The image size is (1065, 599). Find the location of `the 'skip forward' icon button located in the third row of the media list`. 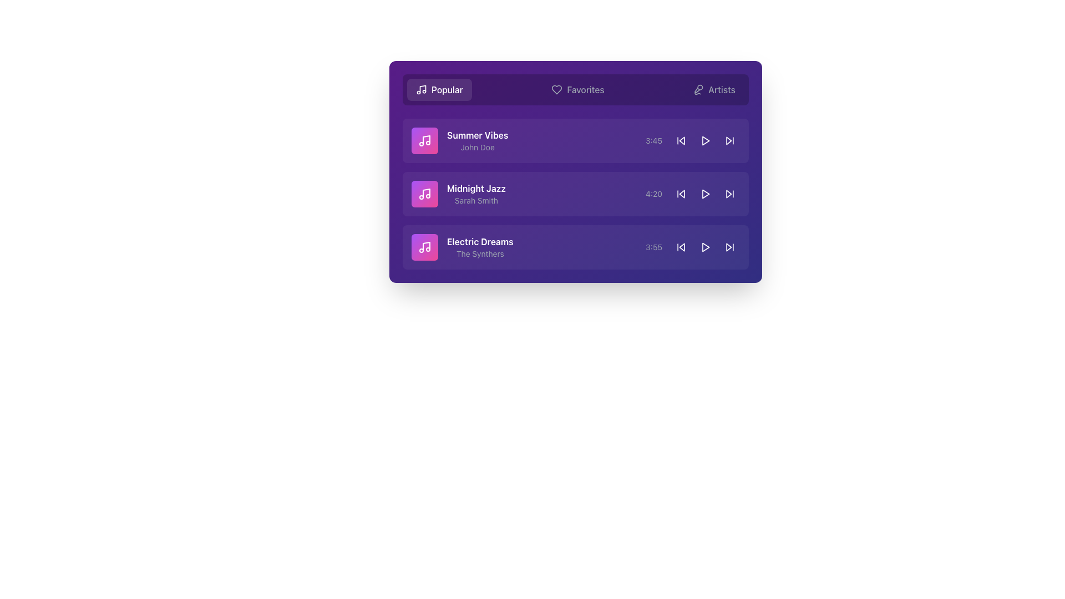

the 'skip forward' icon button located in the third row of the media list is located at coordinates (729, 140).